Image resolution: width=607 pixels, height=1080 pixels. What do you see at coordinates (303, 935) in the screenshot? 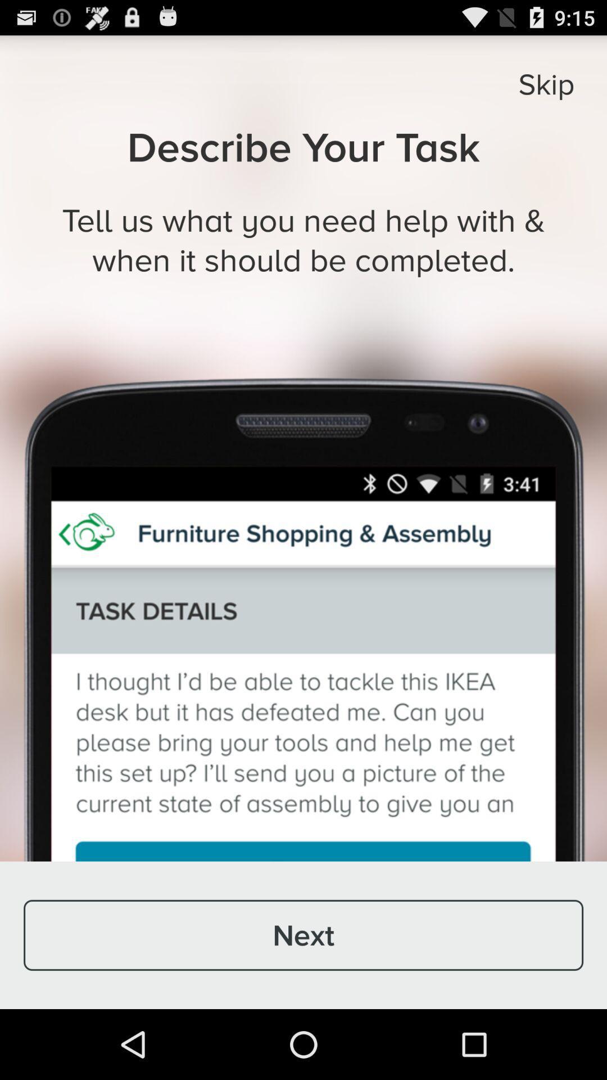
I see `the item at the bottom` at bounding box center [303, 935].